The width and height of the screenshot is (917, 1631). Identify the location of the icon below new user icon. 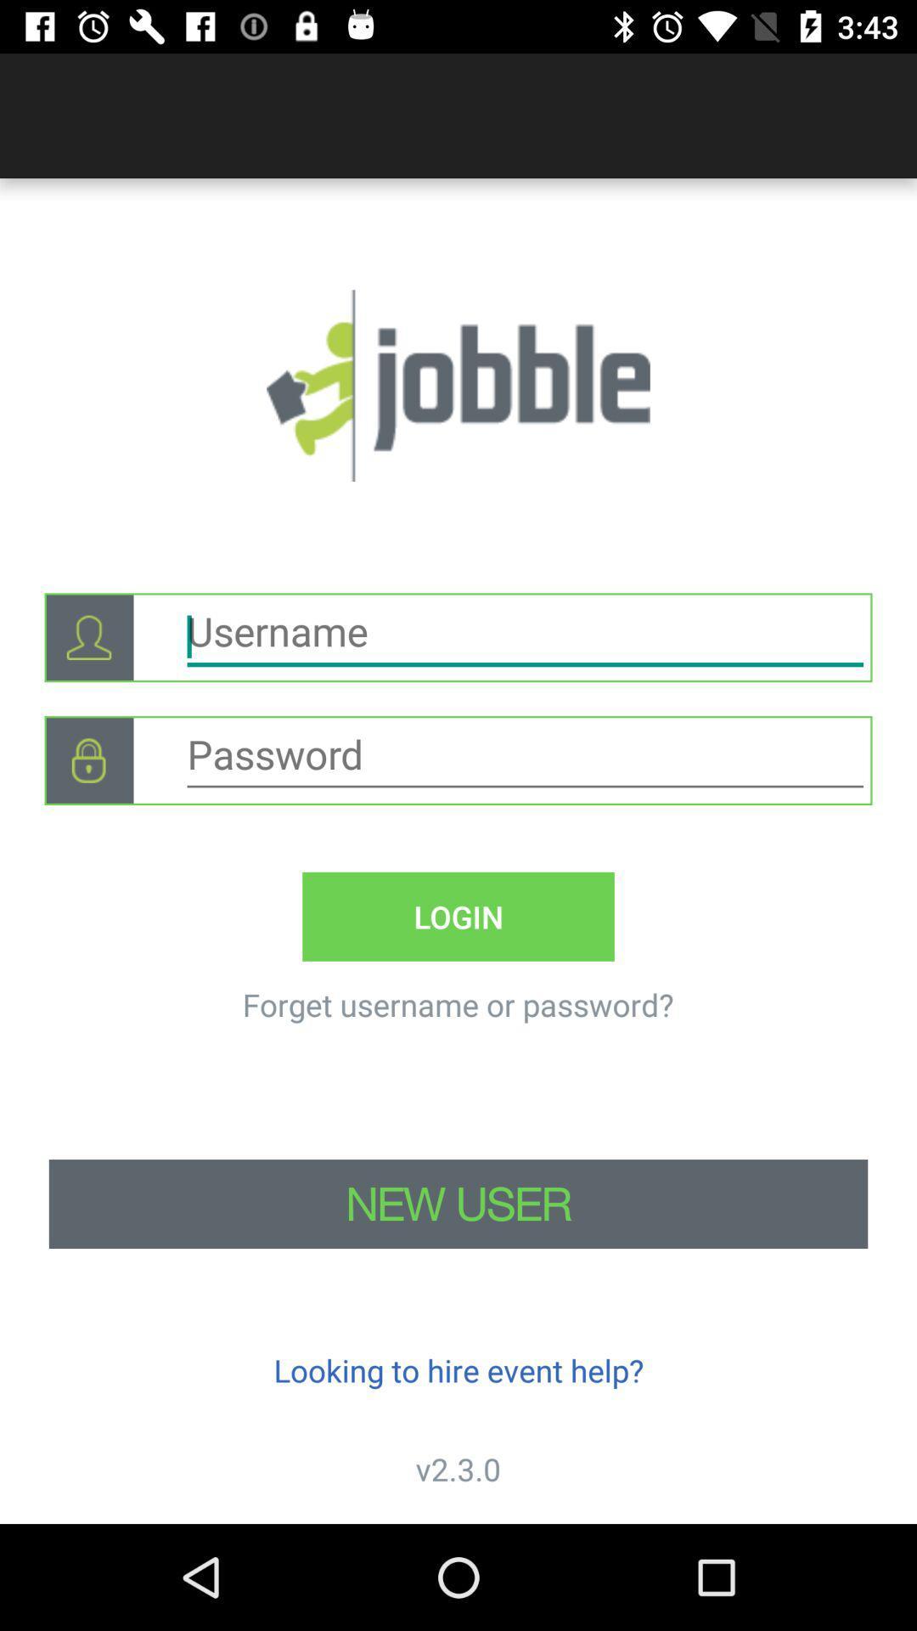
(458, 1370).